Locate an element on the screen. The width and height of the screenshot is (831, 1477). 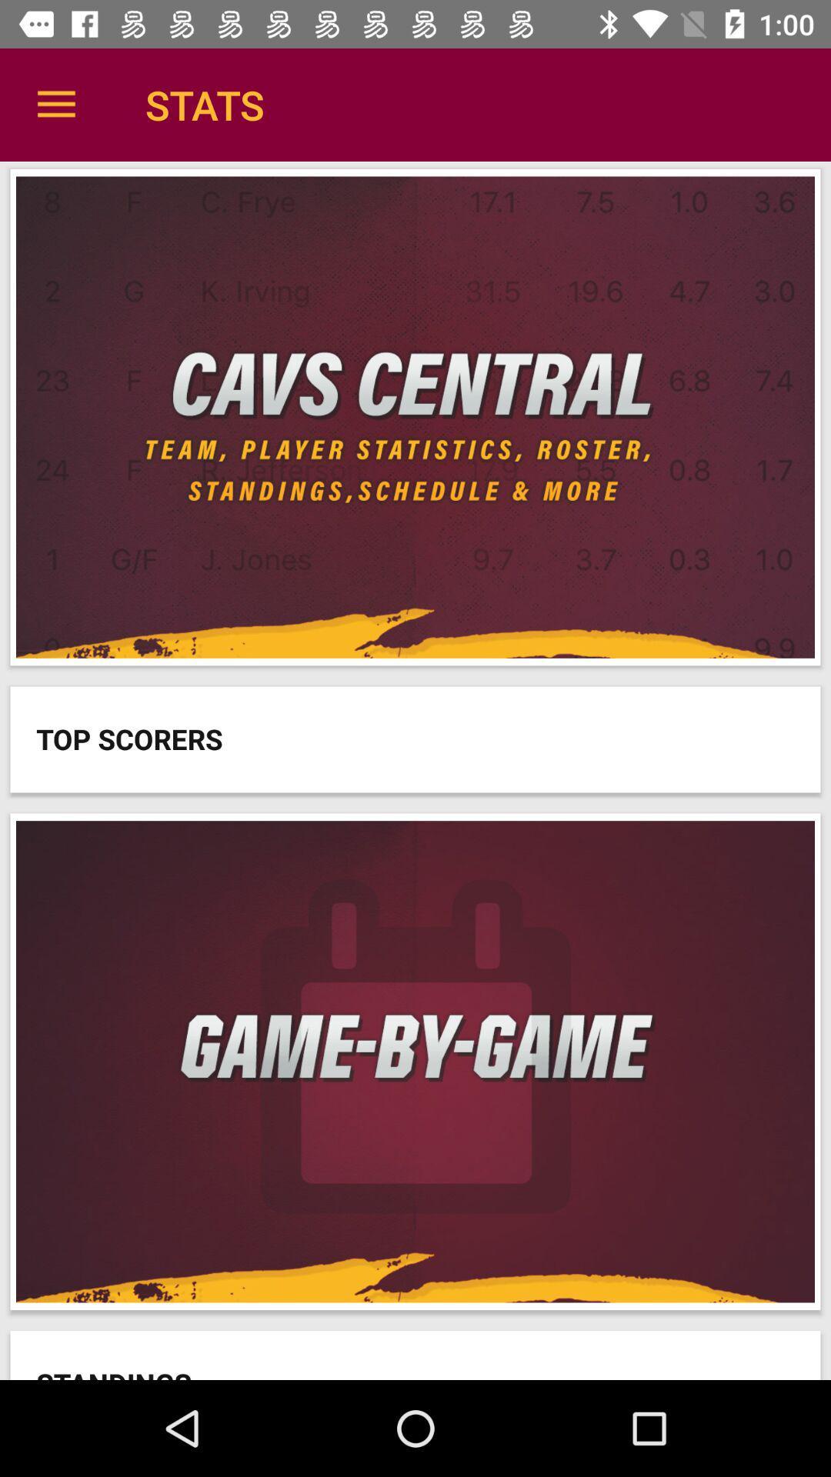
the icon to the left of the stats item is located at coordinates (55, 104).